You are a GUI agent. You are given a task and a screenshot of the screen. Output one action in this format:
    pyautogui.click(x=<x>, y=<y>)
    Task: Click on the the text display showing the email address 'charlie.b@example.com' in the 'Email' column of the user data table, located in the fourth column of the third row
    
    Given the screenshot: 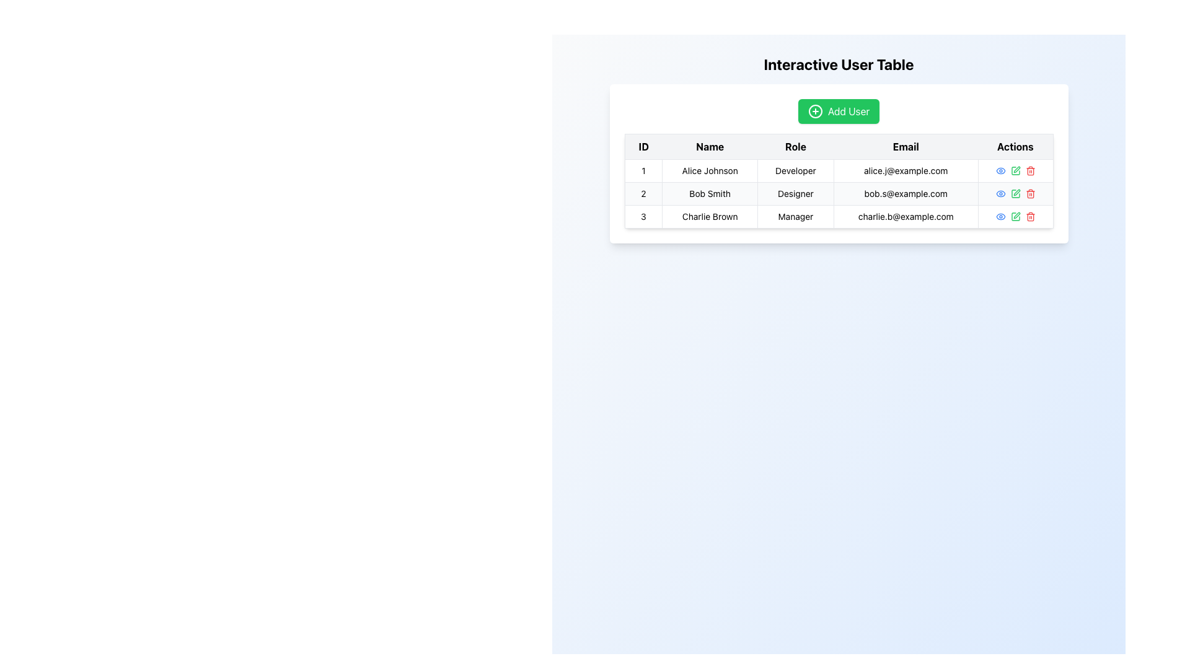 What is the action you would take?
    pyautogui.click(x=906, y=216)
    